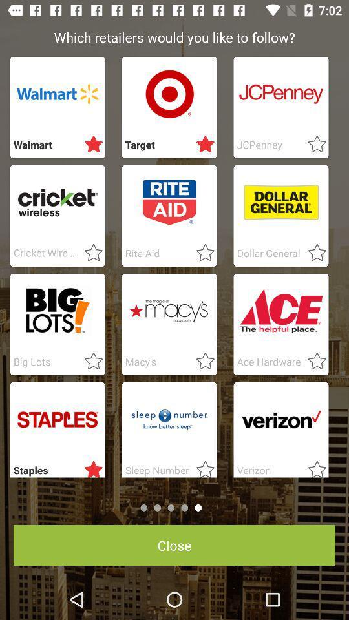  Describe the element at coordinates (312, 362) in the screenshot. I see `adds to favorites` at that location.